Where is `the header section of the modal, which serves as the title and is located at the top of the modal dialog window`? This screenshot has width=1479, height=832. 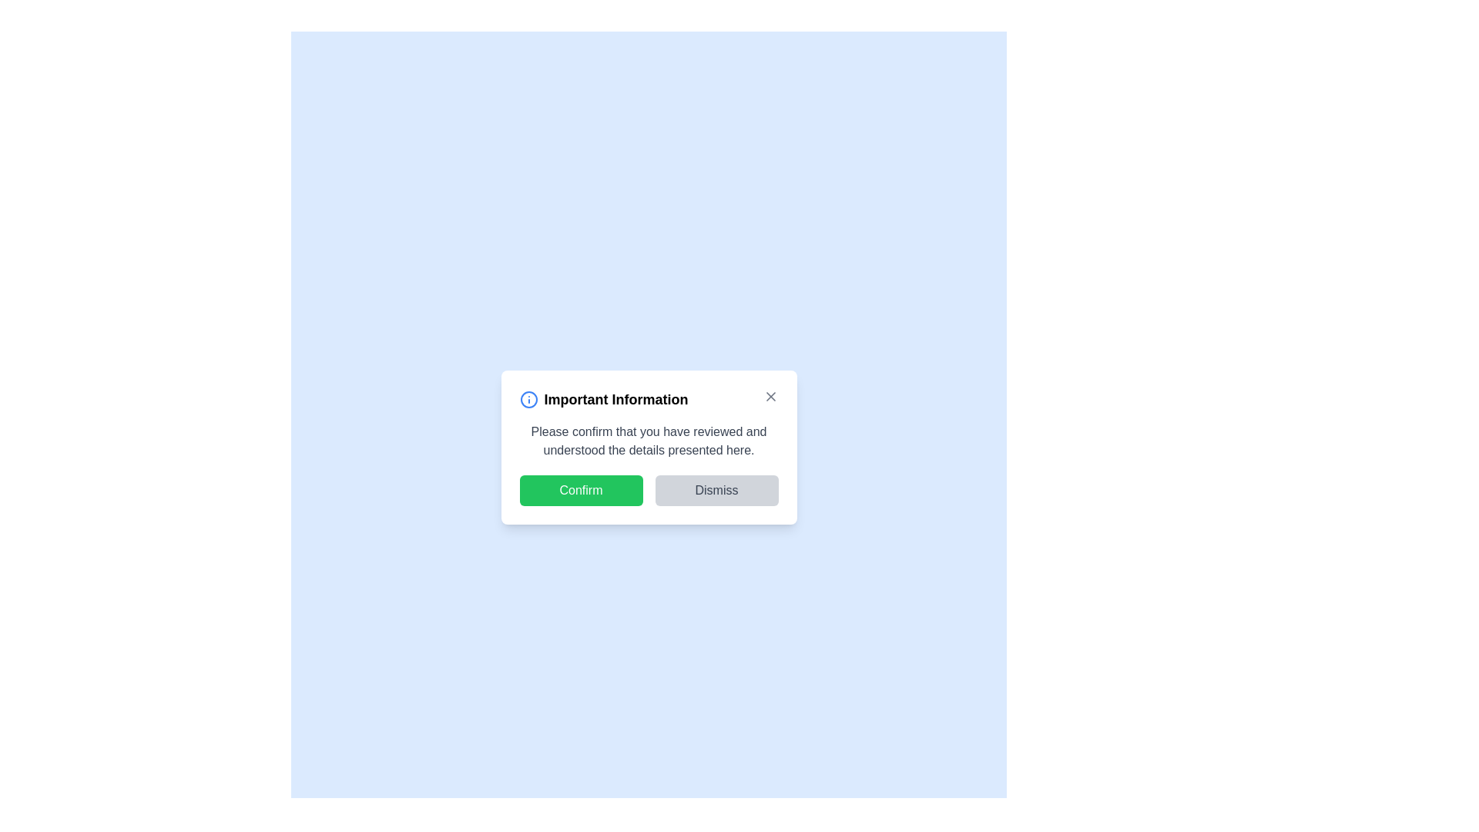 the header section of the modal, which serves as the title and is located at the top of the modal dialog window is located at coordinates (649, 399).